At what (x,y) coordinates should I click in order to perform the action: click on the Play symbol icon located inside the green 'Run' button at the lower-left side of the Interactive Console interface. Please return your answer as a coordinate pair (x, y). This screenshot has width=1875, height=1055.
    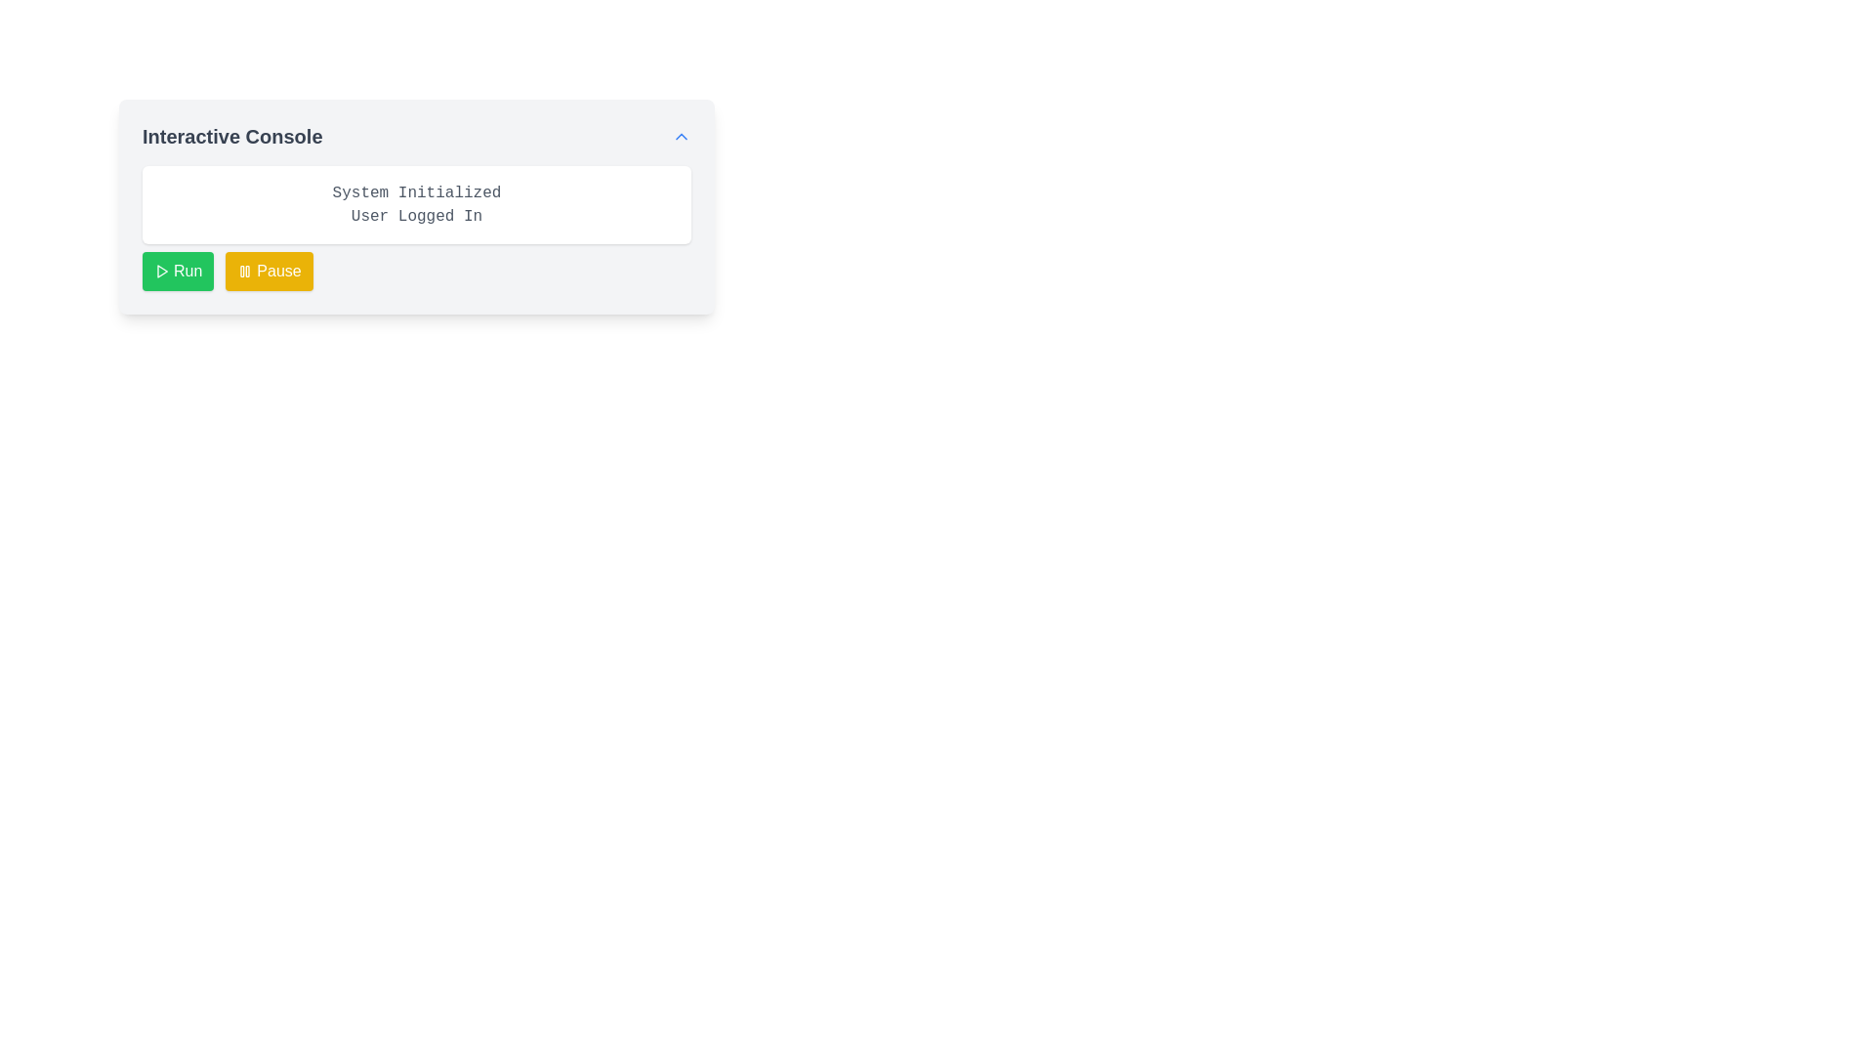
    Looking at the image, I should click on (162, 271).